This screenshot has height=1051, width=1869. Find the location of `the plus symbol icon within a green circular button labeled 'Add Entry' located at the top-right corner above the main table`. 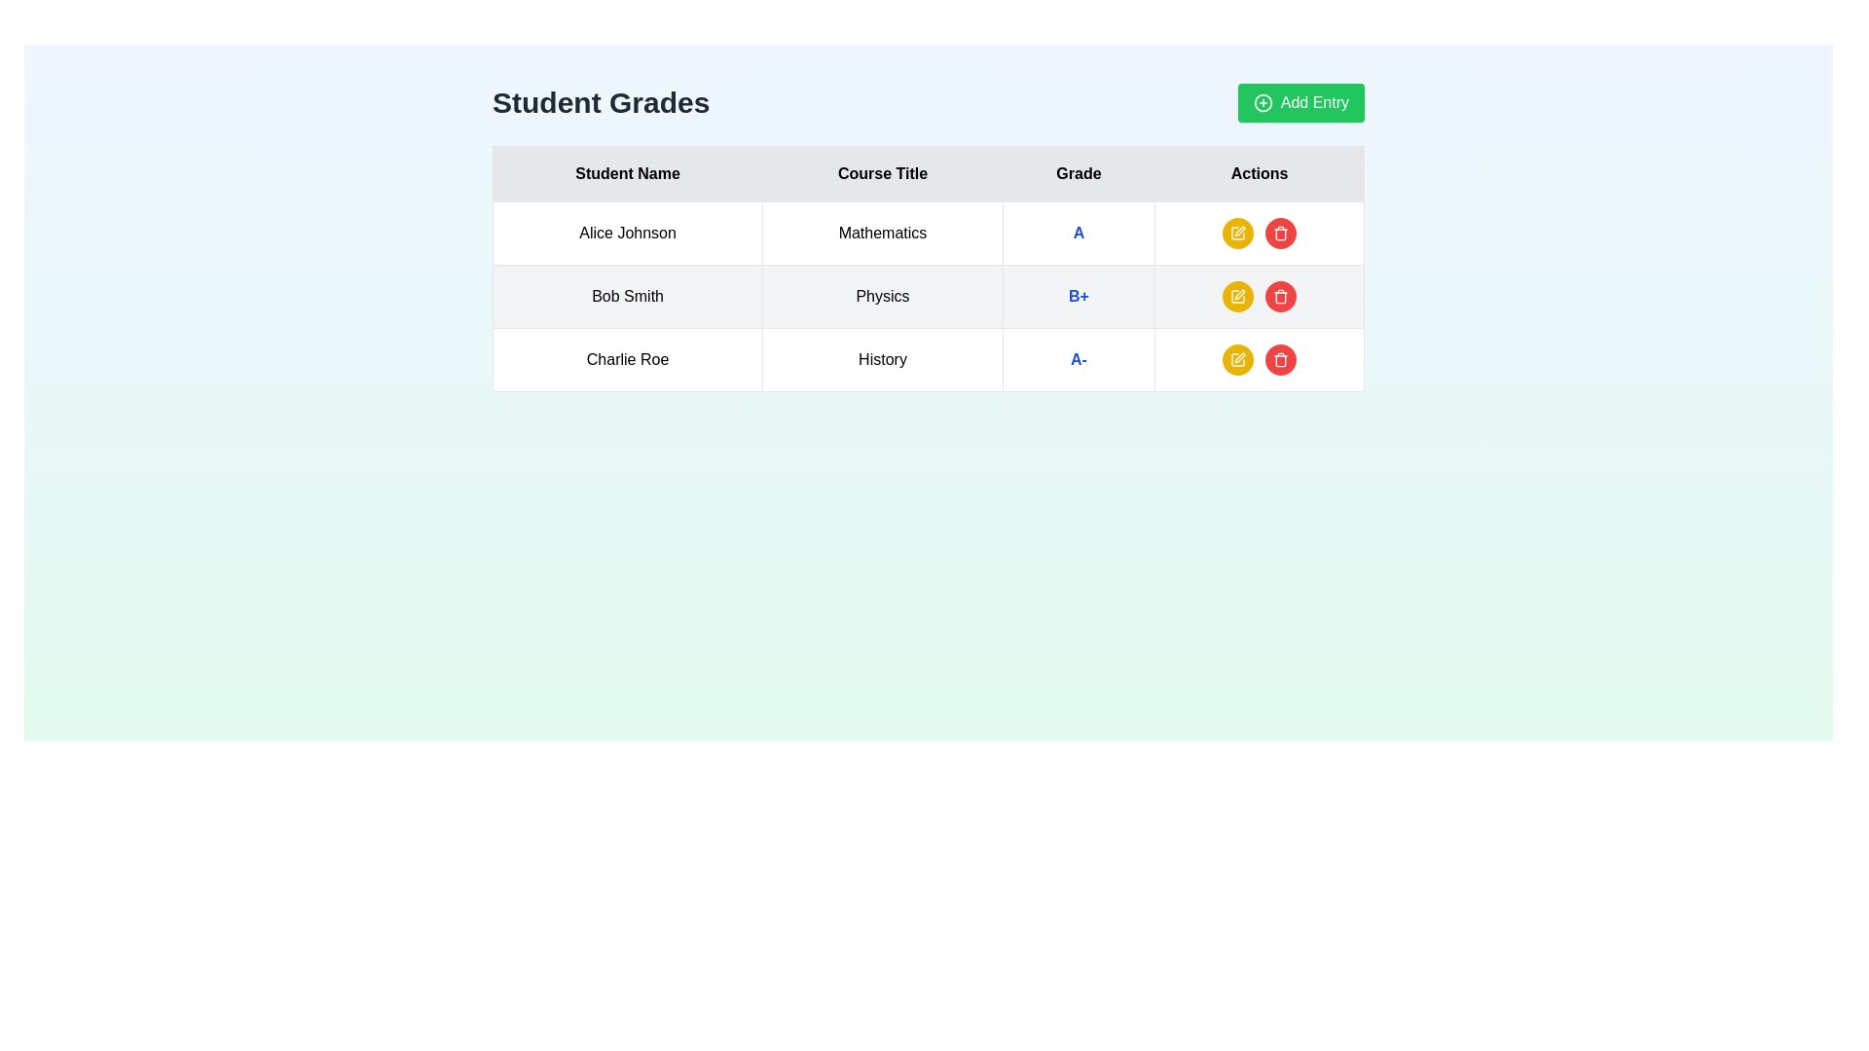

the plus symbol icon within a green circular button labeled 'Add Entry' located at the top-right corner above the main table is located at coordinates (1263, 102).